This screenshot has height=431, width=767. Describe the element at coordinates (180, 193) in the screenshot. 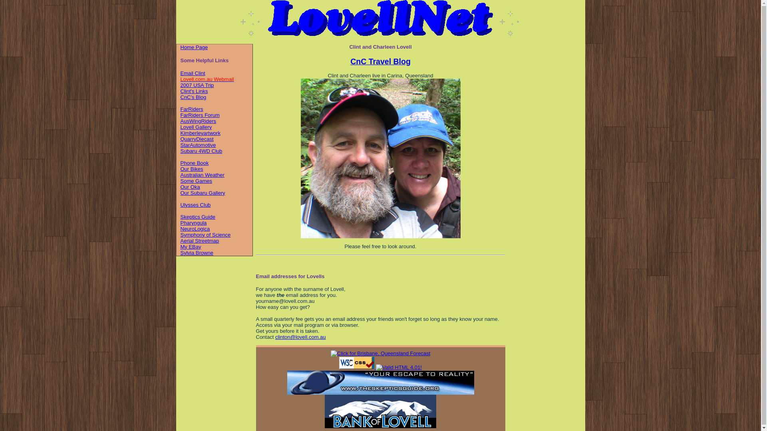

I see `'Our Subaru Gallery'` at that location.